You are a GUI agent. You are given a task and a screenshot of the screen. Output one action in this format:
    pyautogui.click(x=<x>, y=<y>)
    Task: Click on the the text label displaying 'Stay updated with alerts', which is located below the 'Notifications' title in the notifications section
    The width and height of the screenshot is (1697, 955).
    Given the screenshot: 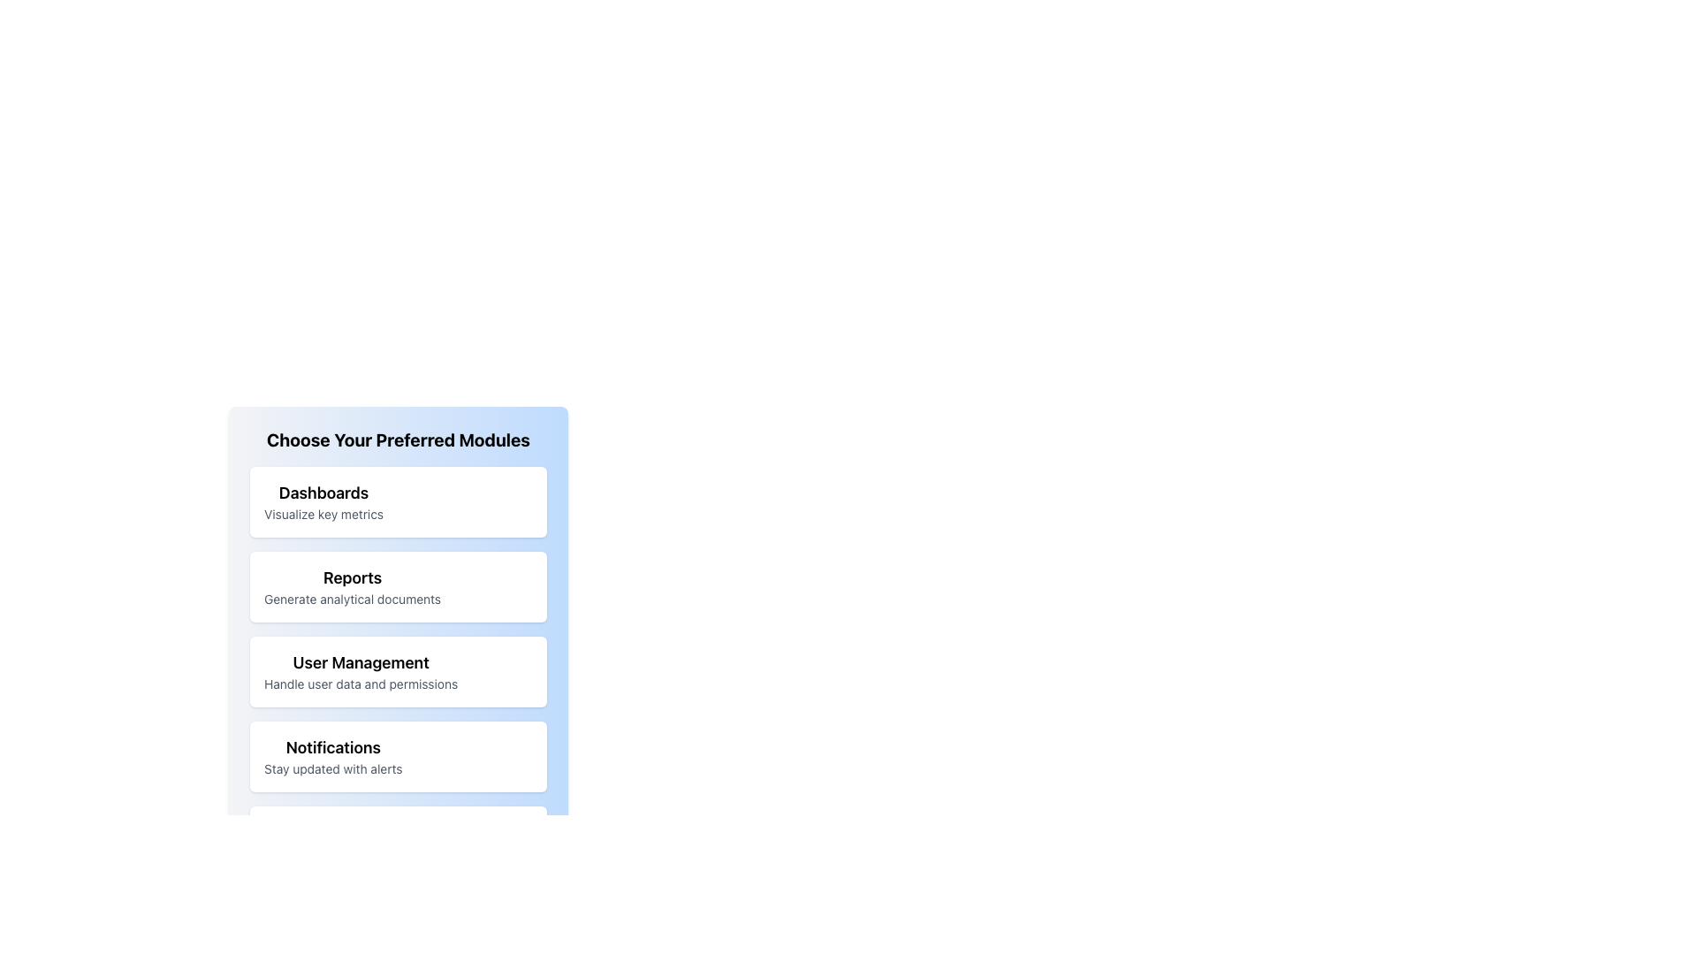 What is the action you would take?
    pyautogui.click(x=333, y=768)
    